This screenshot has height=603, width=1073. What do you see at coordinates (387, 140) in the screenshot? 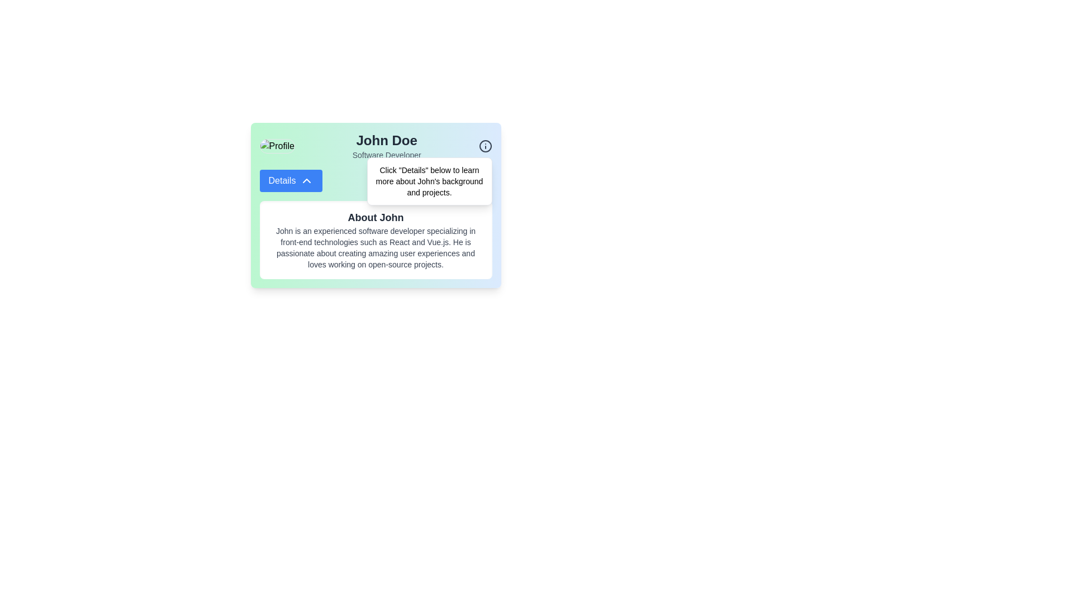
I see `text label displaying 'John Doe', which is located at the top-center of the profile card` at bounding box center [387, 140].